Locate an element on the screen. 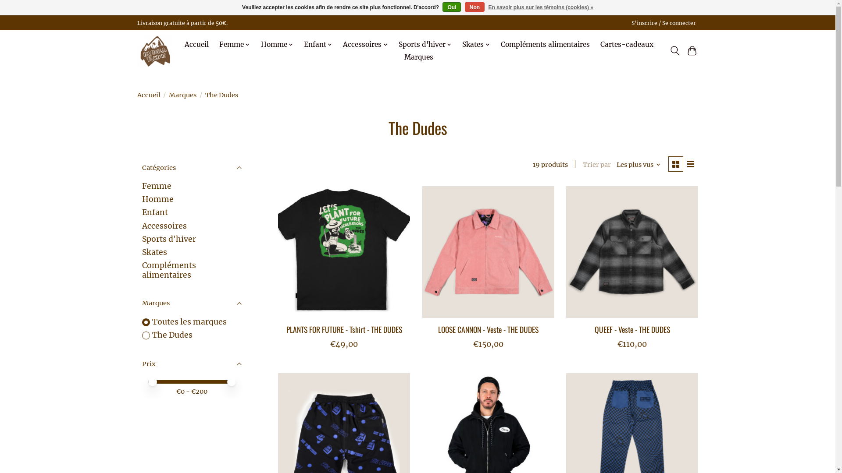 This screenshot has width=842, height=473. 'The Dudes QUEEF - Veste - THE DUDES' is located at coordinates (632, 252).